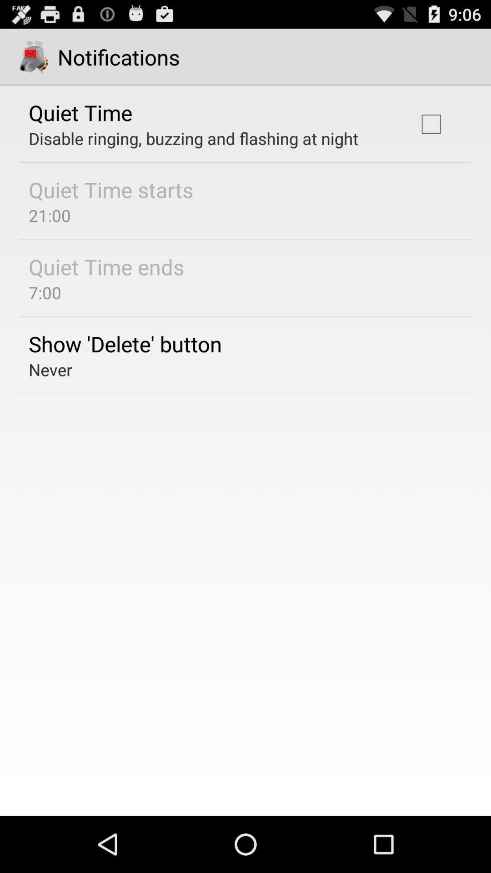 The height and width of the screenshot is (873, 491). Describe the element at coordinates (193, 138) in the screenshot. I see `the disable ringing buzzing app` at that location.